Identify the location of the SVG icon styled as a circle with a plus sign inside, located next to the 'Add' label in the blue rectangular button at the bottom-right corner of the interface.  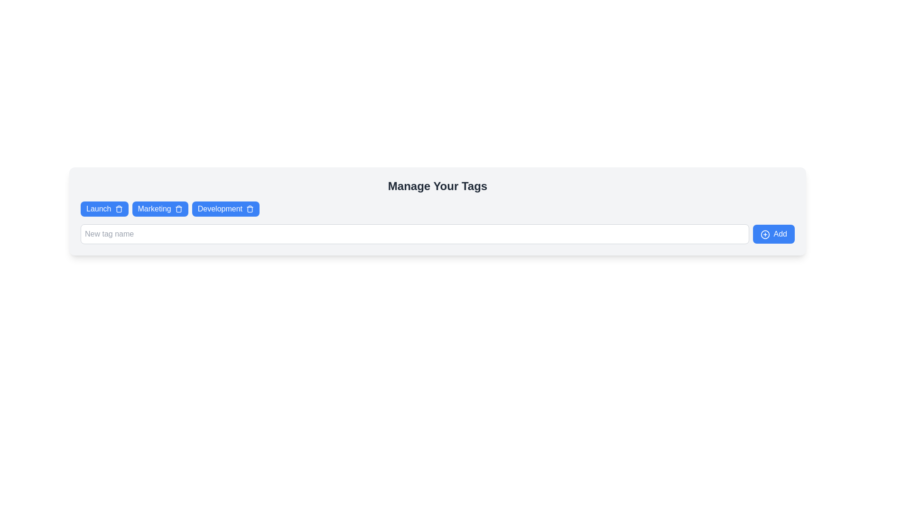
(765, 234).